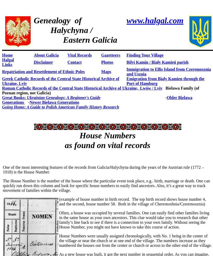 Image resolution: width=213 pixels, height=256 pixels. I want to click on 'Older Bielawa Generations', so click(97, 100).